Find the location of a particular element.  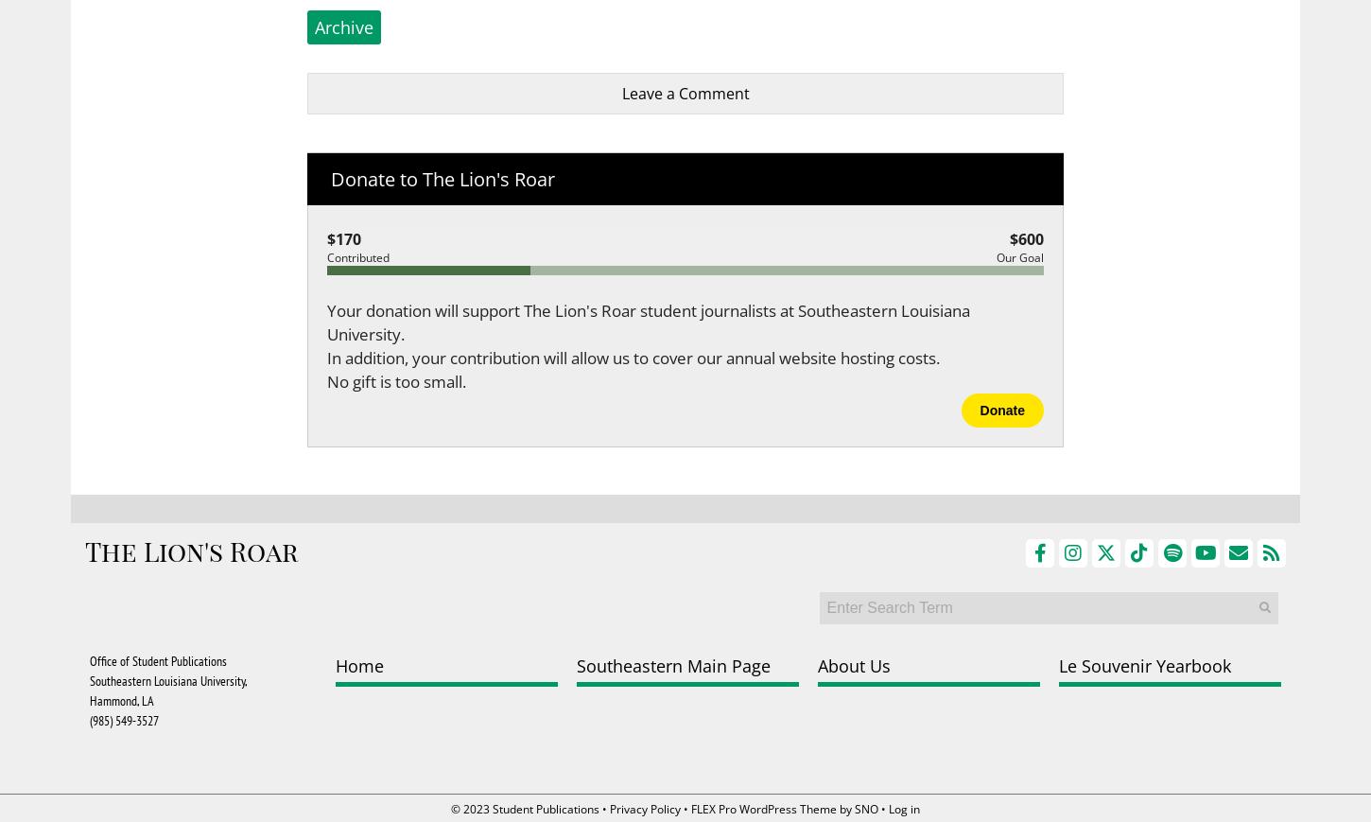

'Donate to The Lion's Roar' is located at coordinates (331, 177).